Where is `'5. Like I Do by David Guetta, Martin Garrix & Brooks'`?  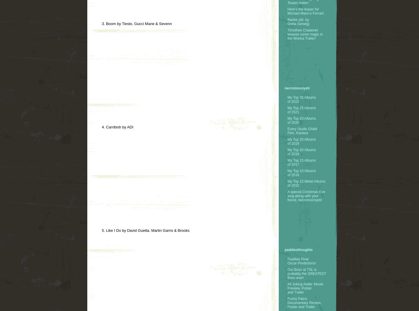 '5. Like I Do by David Guetta, Martin Garrix & Brooks' is located at coordinates (145, 230).